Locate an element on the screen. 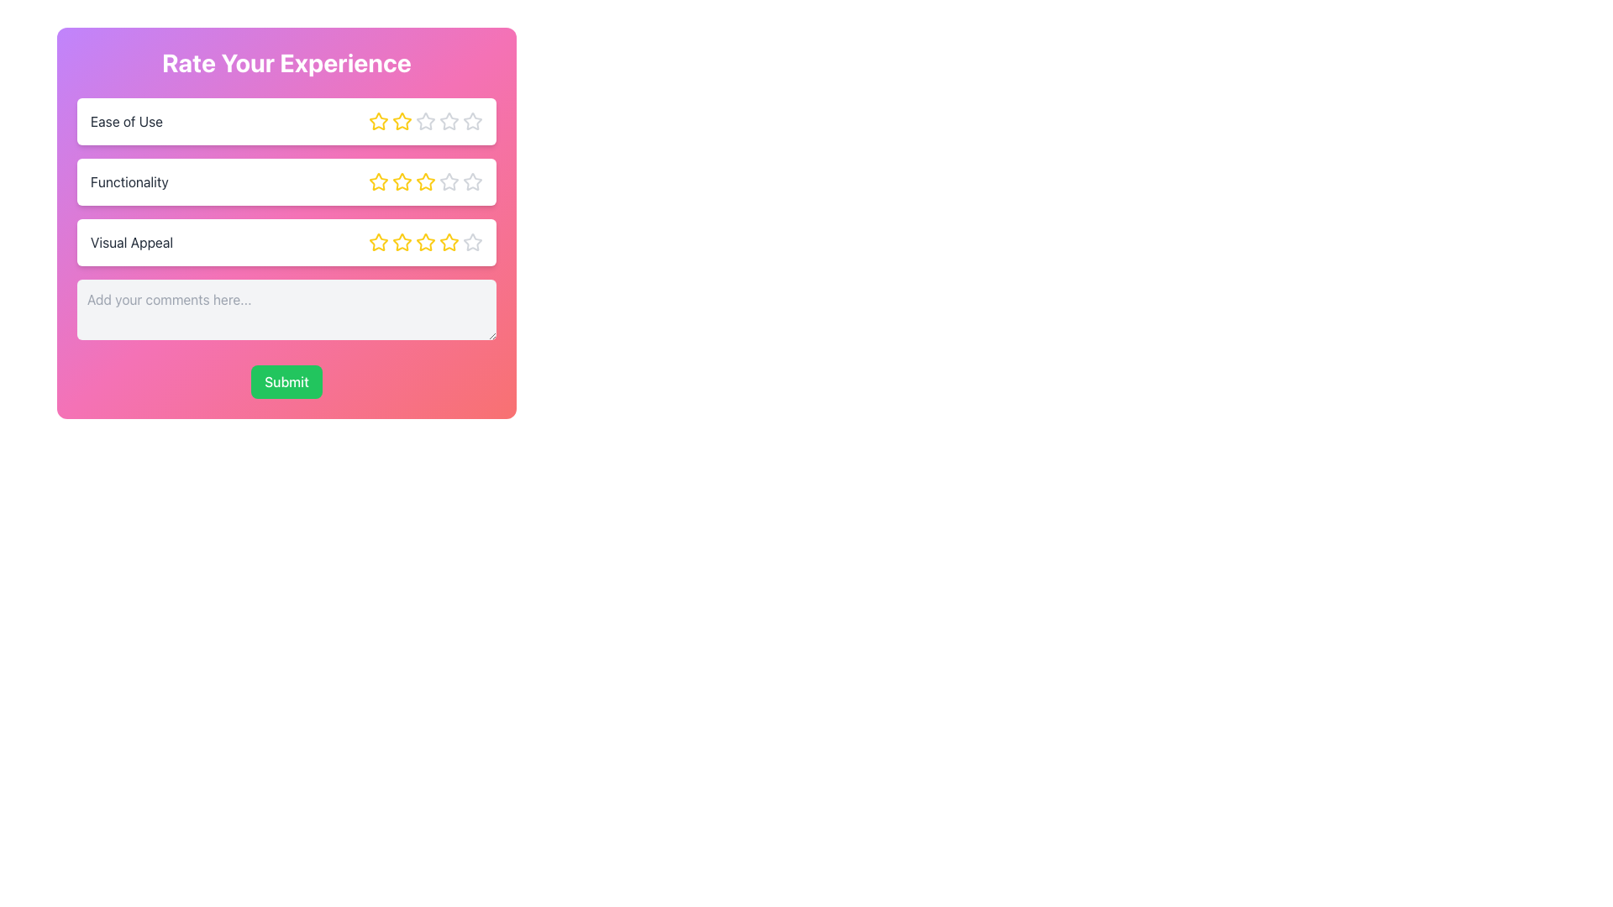 The height and width of the screenshot is (907, 1613). the second star icon in the 'Functionality' rating section to set the rating to 2 is located at coordinates (402, 181).